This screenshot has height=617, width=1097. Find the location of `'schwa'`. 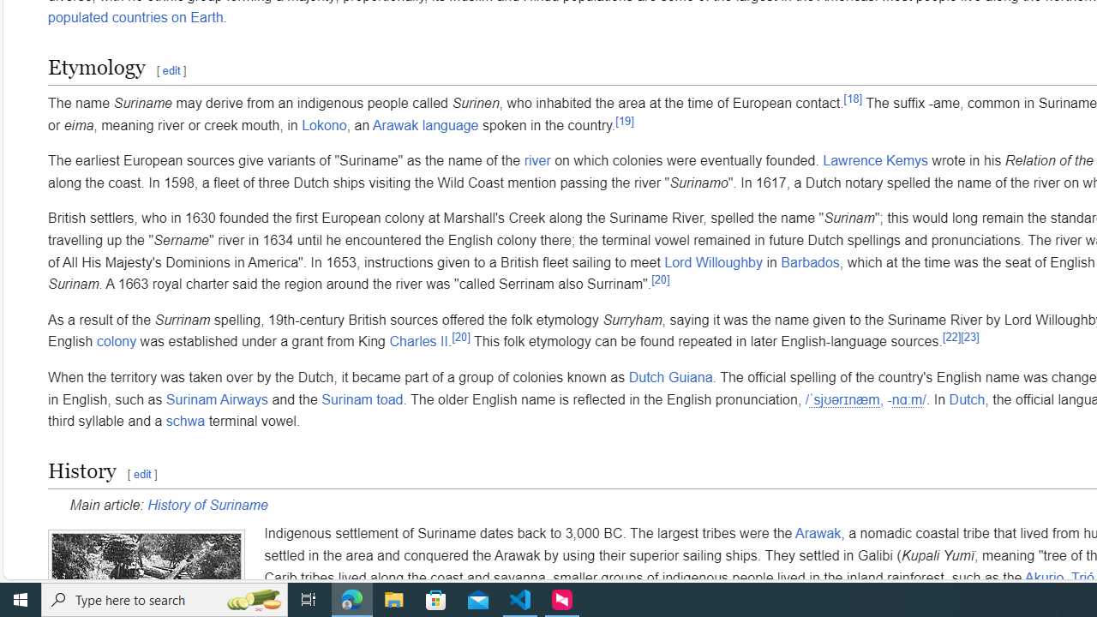

'schwa' is located at coordinates (185, 422).